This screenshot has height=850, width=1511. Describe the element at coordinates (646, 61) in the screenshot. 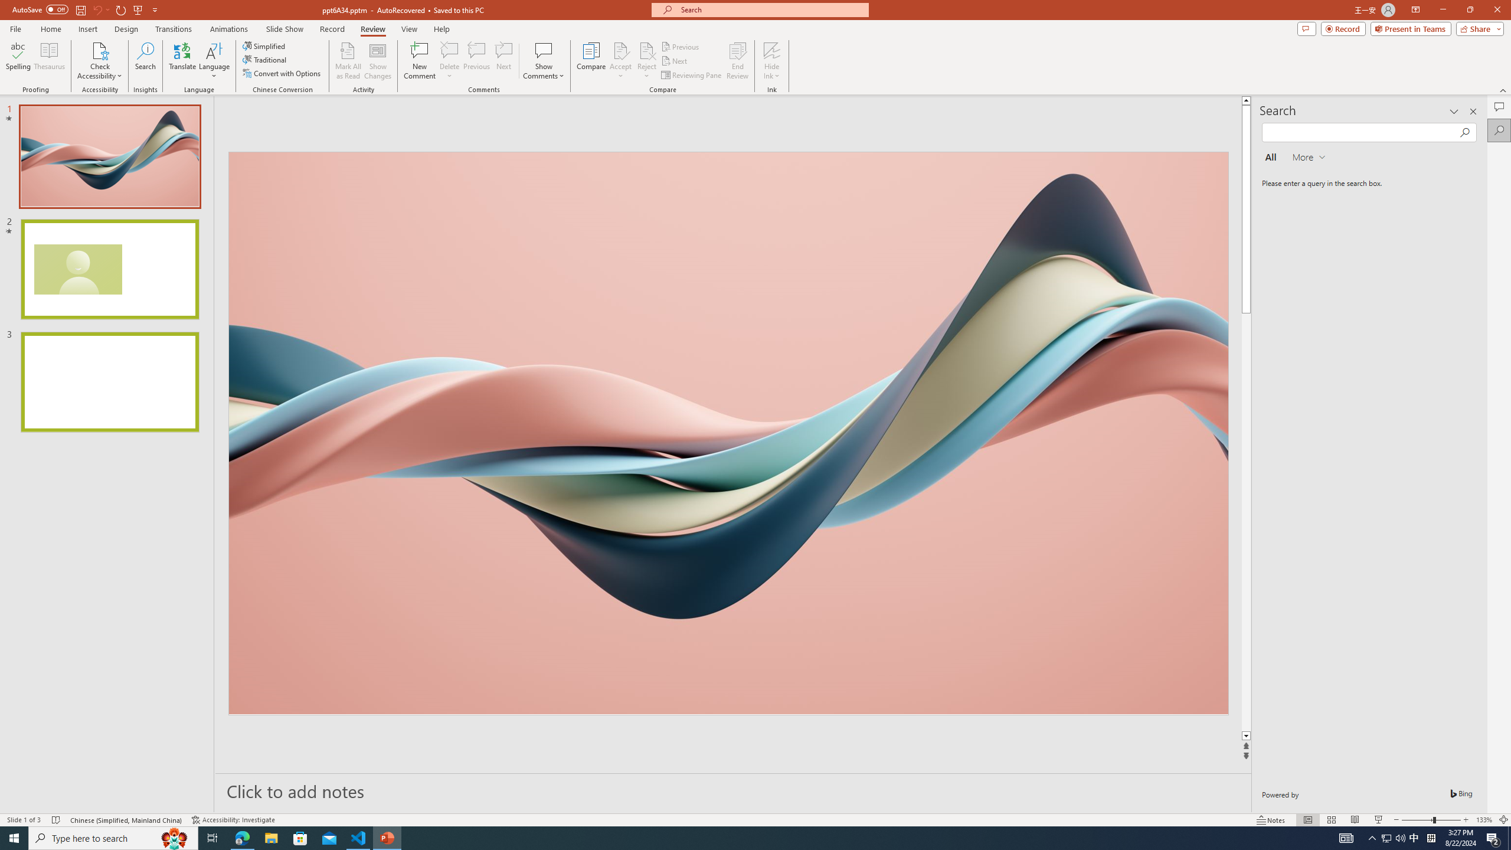

I see `'Reject'` at that location.